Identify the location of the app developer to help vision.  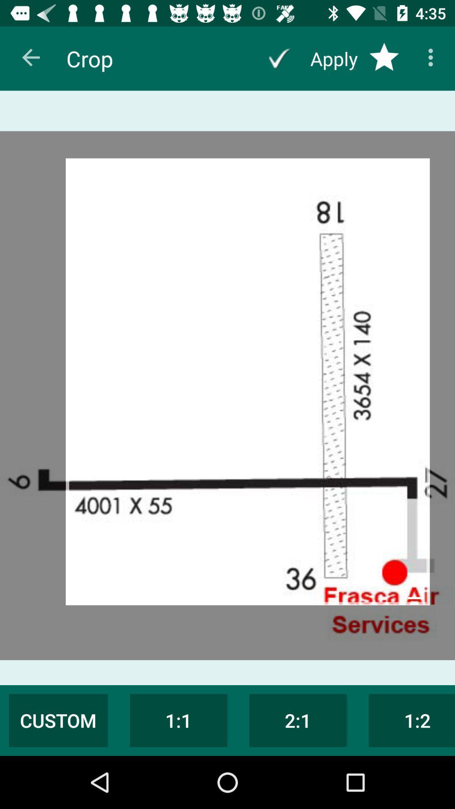
(279, 58).